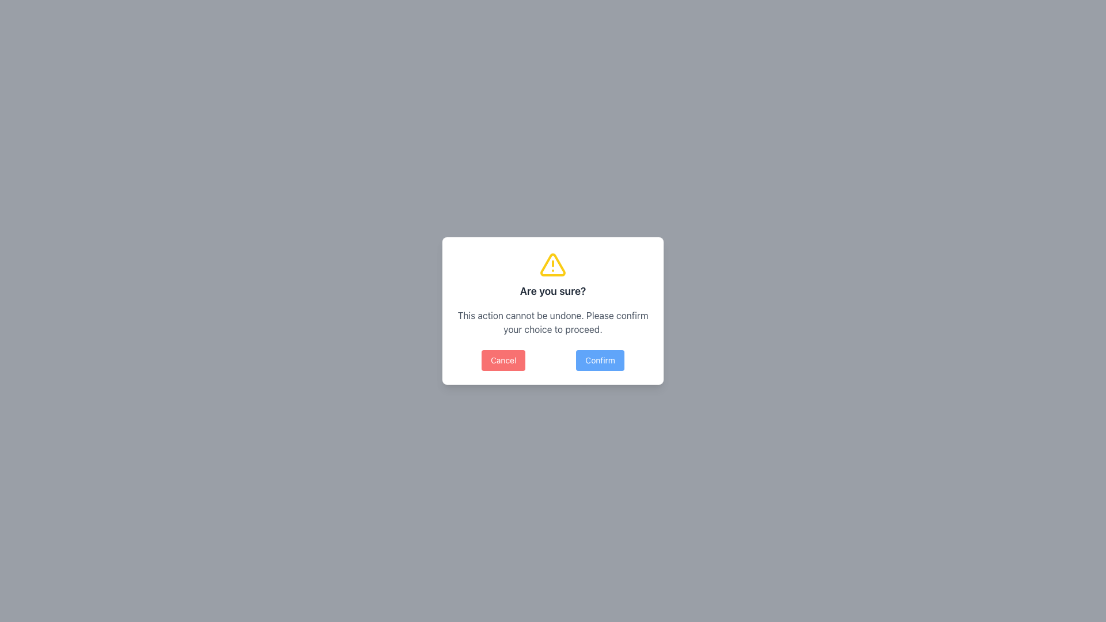  I want to click on the yellow triangular warning icon with an exclamation mark inside, which is located above the 'Are you sure?' heading in the modal dialog box, so click(553, 264).